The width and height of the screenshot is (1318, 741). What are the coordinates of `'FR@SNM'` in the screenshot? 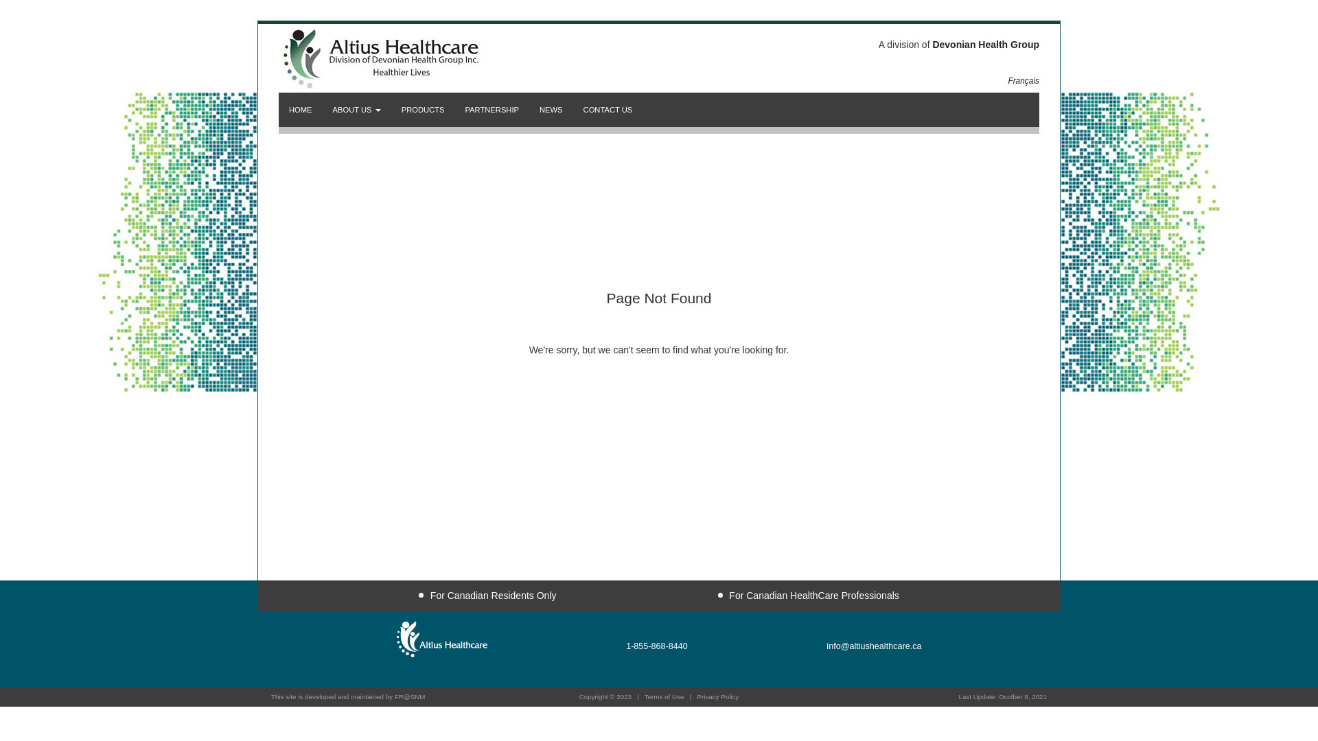 It's located at (409, 696).